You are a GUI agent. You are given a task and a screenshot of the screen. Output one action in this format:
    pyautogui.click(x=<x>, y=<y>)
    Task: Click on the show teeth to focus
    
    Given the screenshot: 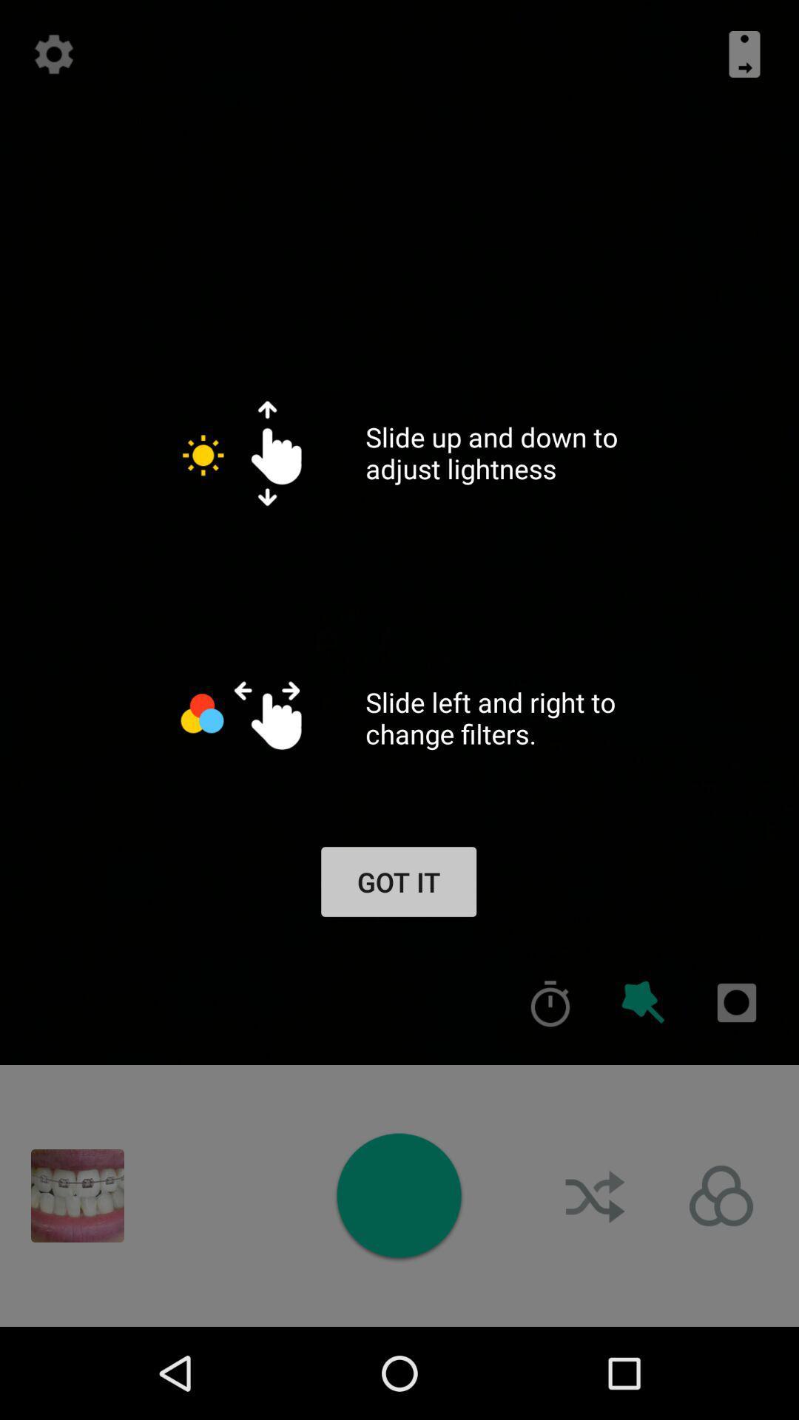 What is the action you would take?
    pyautogui.click(x=77, y=1196)
    